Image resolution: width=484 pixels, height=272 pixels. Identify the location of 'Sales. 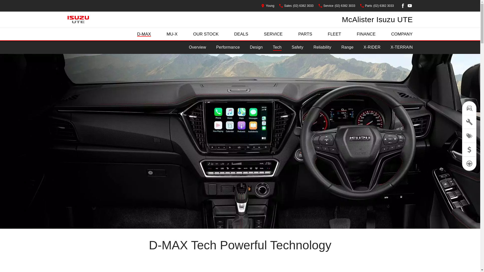
(296, 6).